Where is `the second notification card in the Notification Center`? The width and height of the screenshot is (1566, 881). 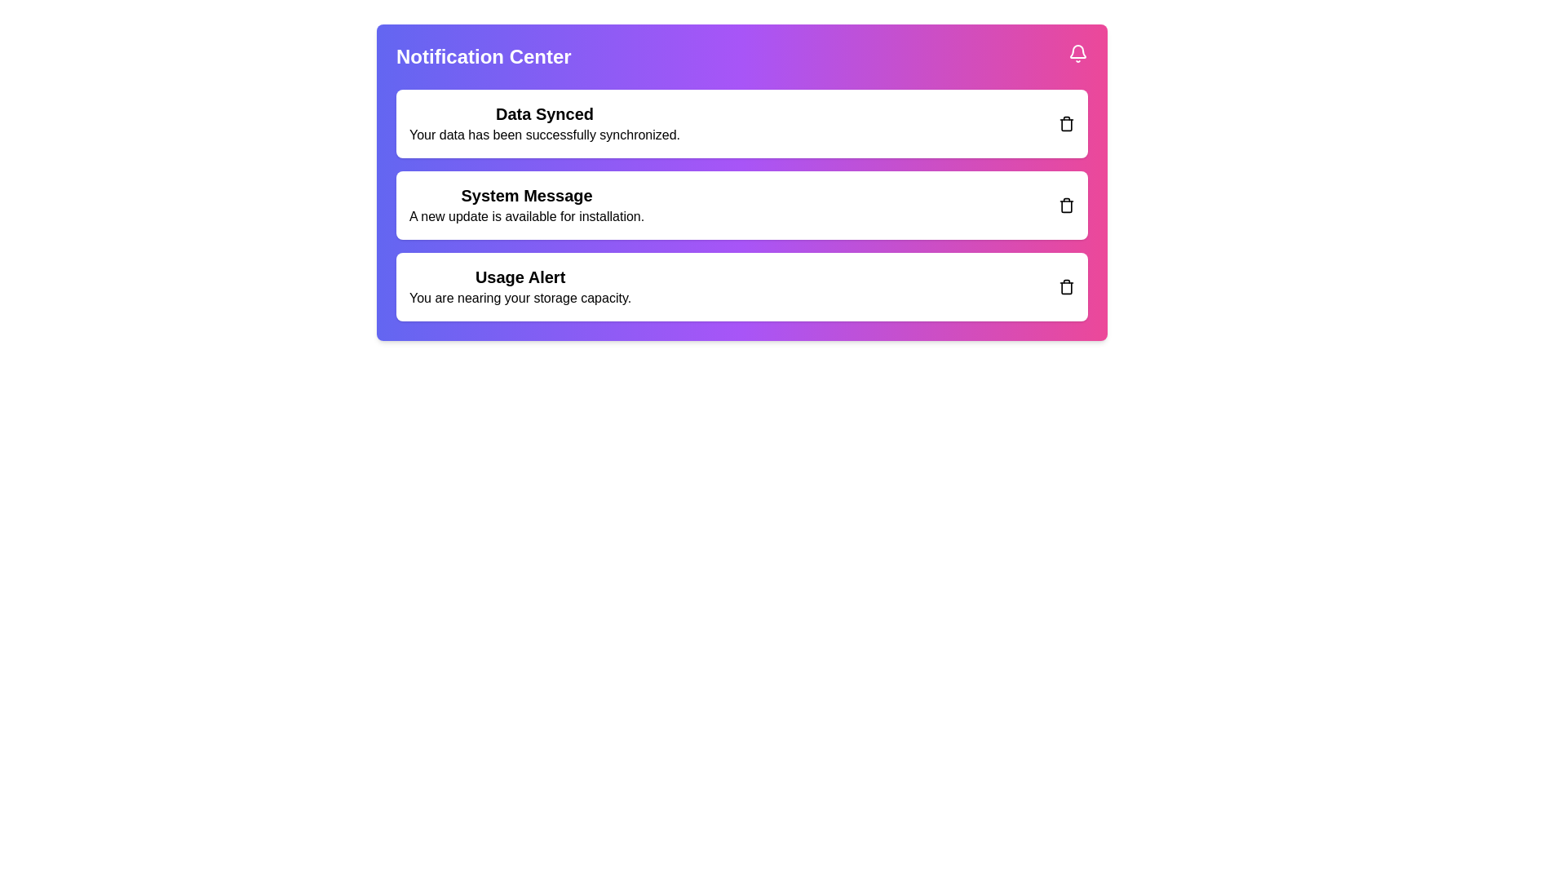
the second notification card in the Notification Center is located at coordinates (741, 204).